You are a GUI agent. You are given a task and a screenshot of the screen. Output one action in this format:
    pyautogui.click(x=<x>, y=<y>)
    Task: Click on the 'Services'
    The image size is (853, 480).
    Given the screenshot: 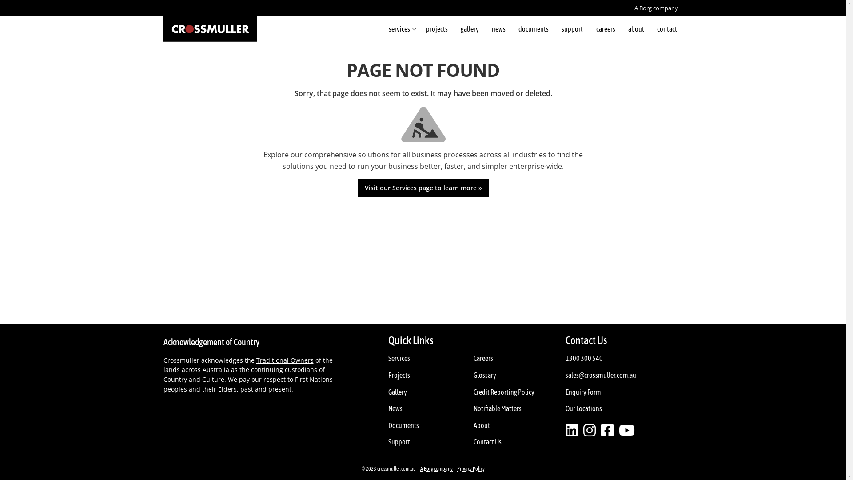 What is the action you would take?
    pyautogui.click(x=399, y=358)
    